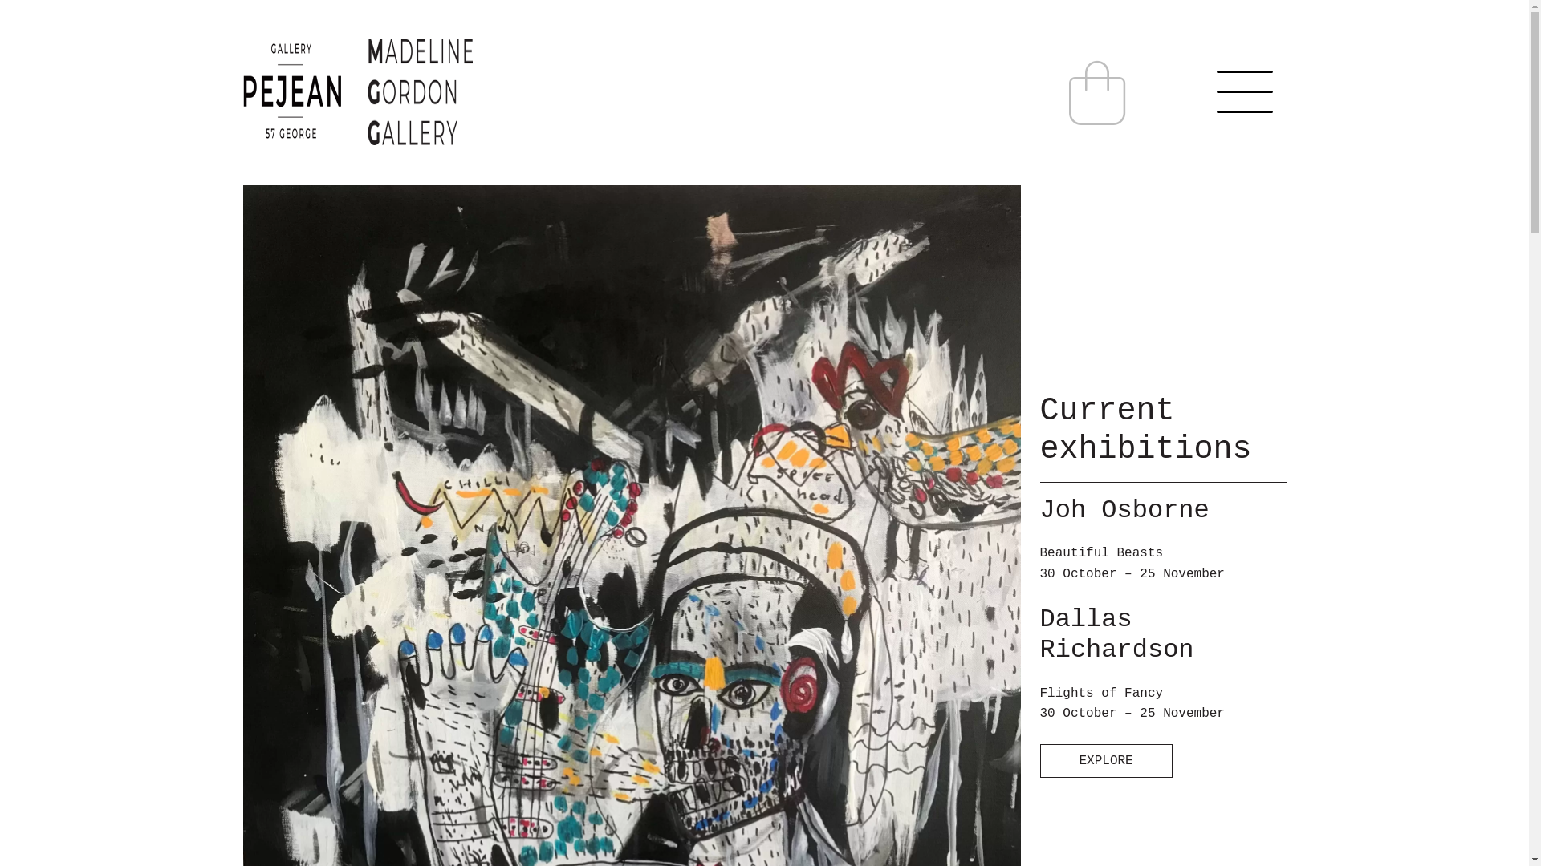 This screenshot has height=866, width=1541. What do you see at coordinates (1040, 759) in the screenshot?
I see `'EXPLORE'` at bounding box center [1040, 759].